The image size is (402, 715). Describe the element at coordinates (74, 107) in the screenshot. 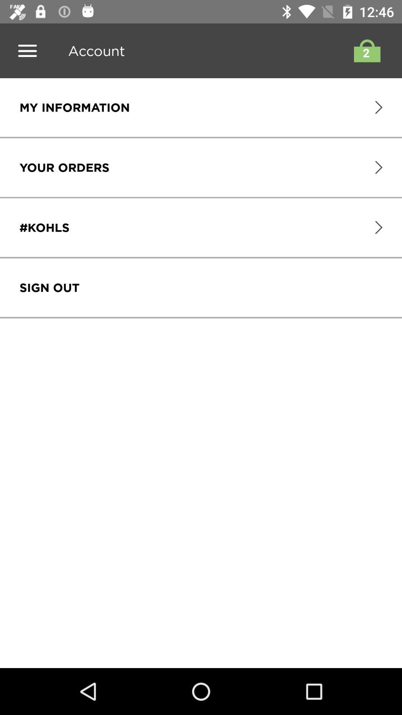

I see `item above your orders icon` at that location.